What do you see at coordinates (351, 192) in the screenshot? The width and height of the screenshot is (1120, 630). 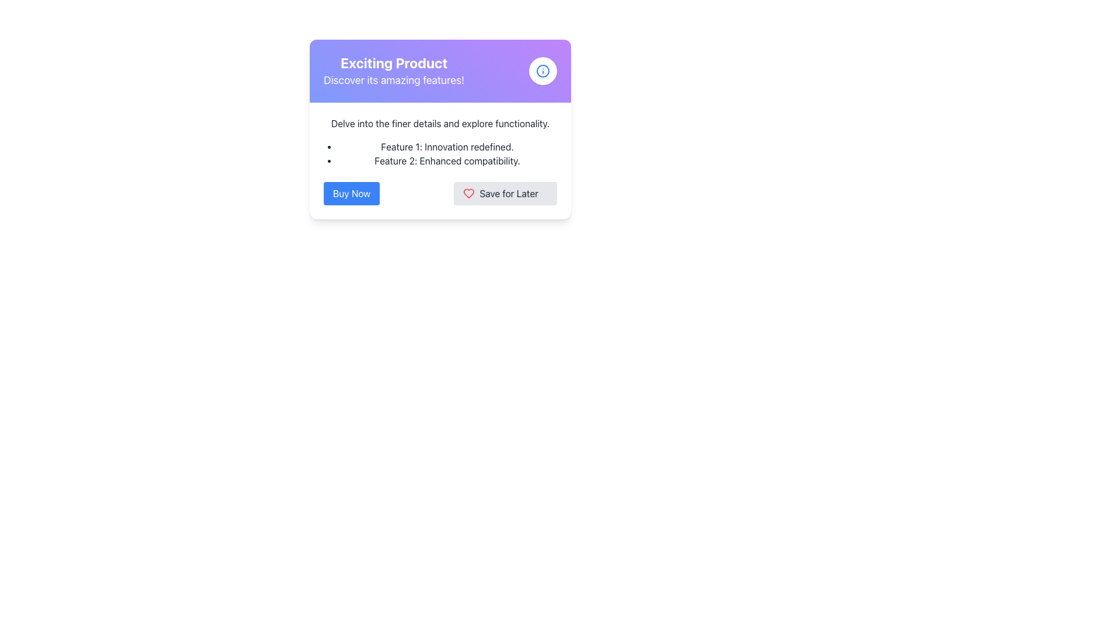 I see `the left-most blue rectangular button labeled 'Buy Now' to initiate a purchase` at bounding box center [351, 192].